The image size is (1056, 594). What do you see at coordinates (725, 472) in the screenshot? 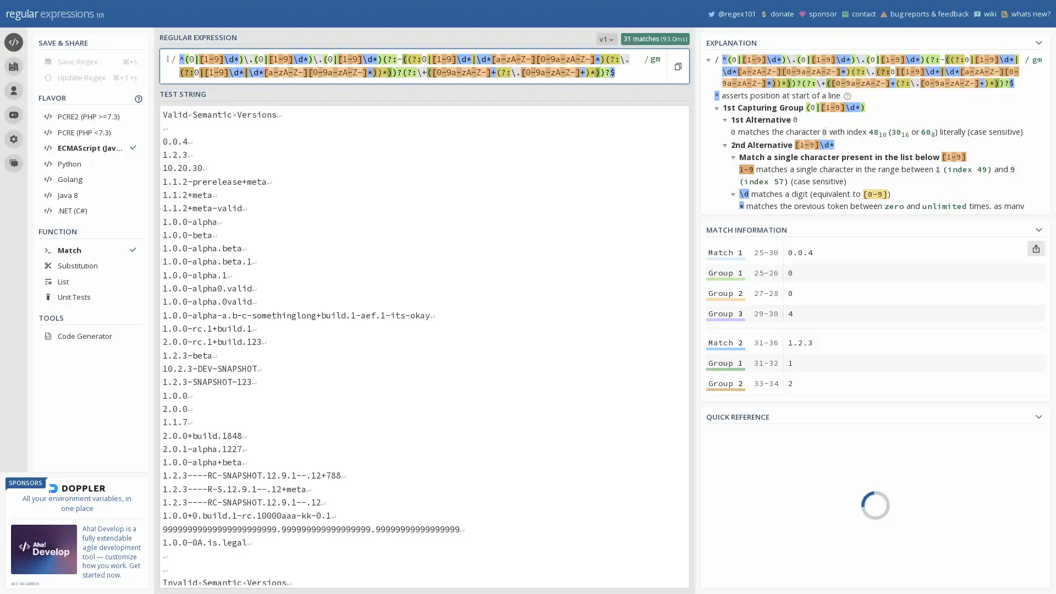
I see `Group 2` at bounding box center [725, 472].